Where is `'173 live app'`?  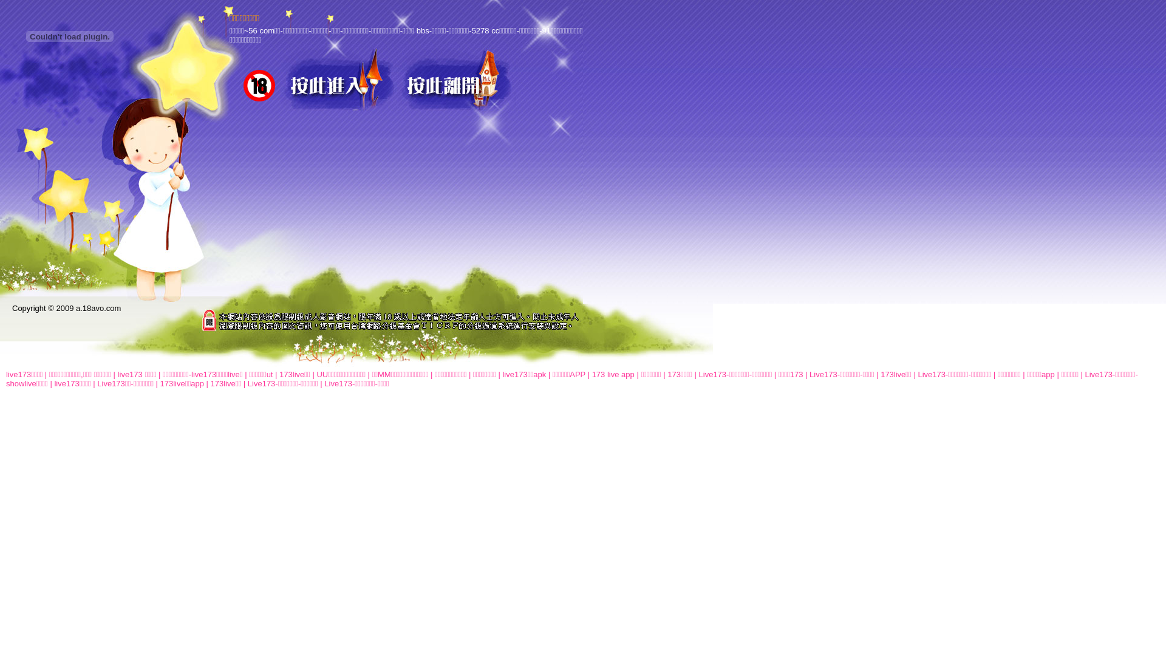 '173 live app' is located at coordinates (613, 374).